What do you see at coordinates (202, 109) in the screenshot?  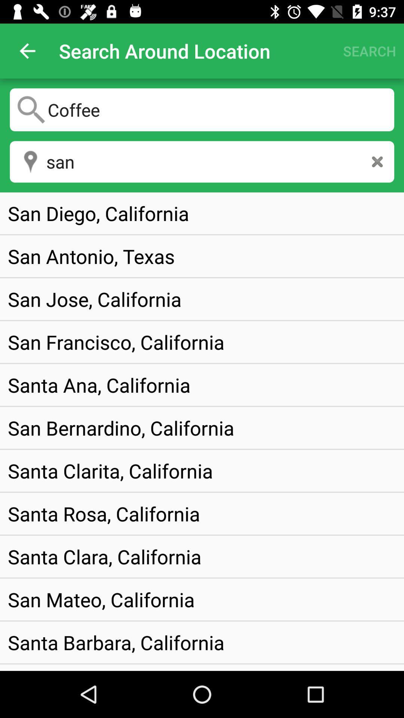 I see `the coffee item` at bounding box center [202, 109].